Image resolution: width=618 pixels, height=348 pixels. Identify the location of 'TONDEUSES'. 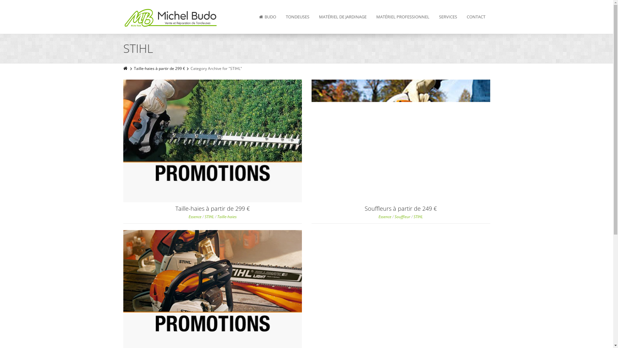
(297, 16).